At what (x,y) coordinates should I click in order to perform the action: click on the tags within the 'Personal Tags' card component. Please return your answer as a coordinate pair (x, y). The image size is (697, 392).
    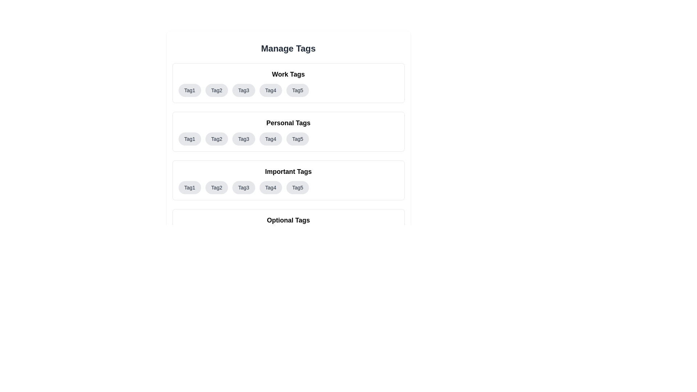
    Looking at the image, I should click on (288, 131).